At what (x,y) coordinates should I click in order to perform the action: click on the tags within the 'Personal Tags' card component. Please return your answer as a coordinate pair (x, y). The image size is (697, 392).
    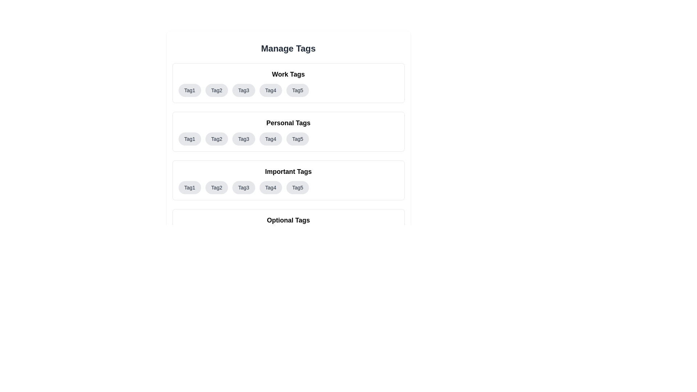
    Looking at the image, I should click on (288, 131).